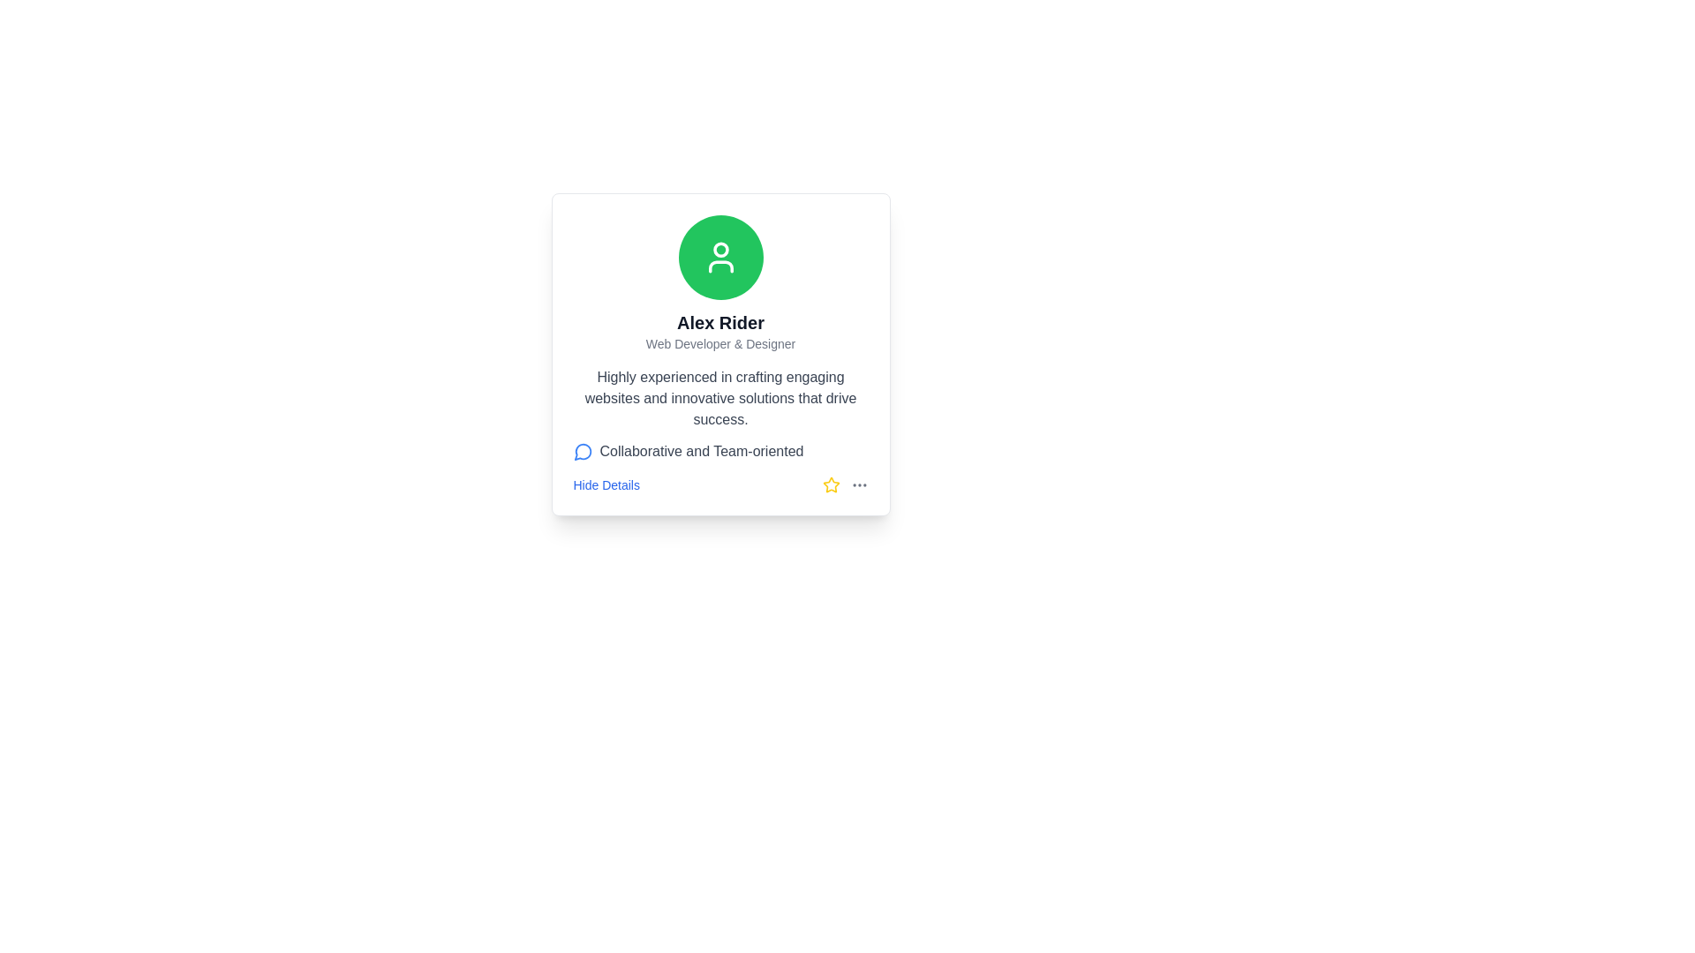 The image size is (1695, 953). Describe the element at coordinates (720, 451) in the screenshot. I see `the descriptive information text block that highlights collaborative and team-oriented qualities, positioned below the text 'Highly experienced in crafting engaging websites and innovative solutions that drive success'` at that location.